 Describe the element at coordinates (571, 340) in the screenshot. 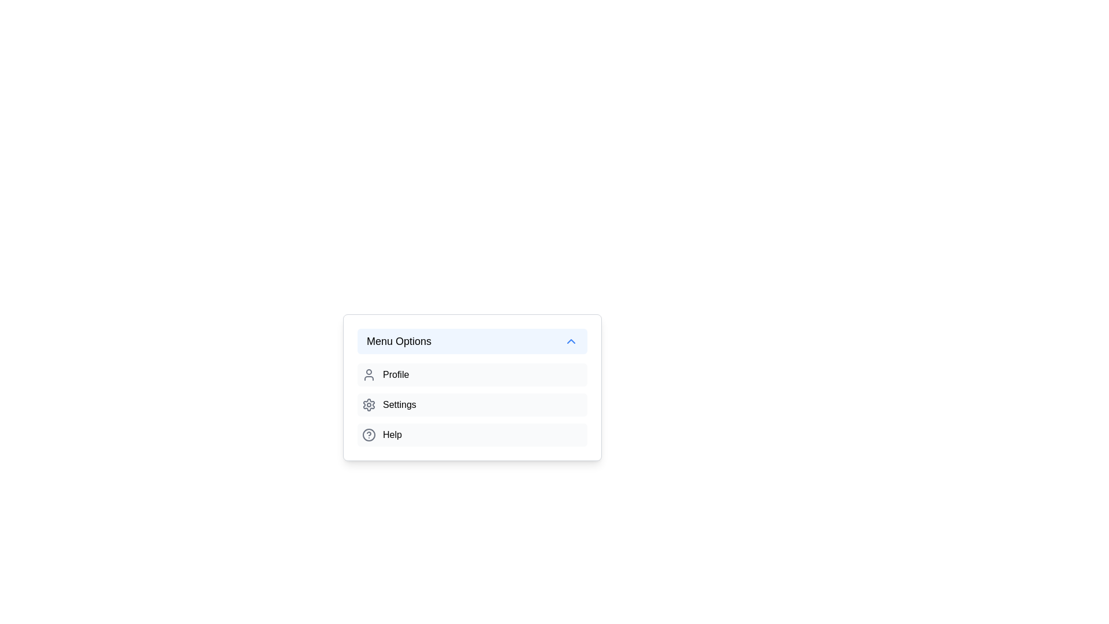

I see `the small upward-pointing chevron icon styled in blue, located at the far-right edge of the 'Menu Options' header bar` at that location.